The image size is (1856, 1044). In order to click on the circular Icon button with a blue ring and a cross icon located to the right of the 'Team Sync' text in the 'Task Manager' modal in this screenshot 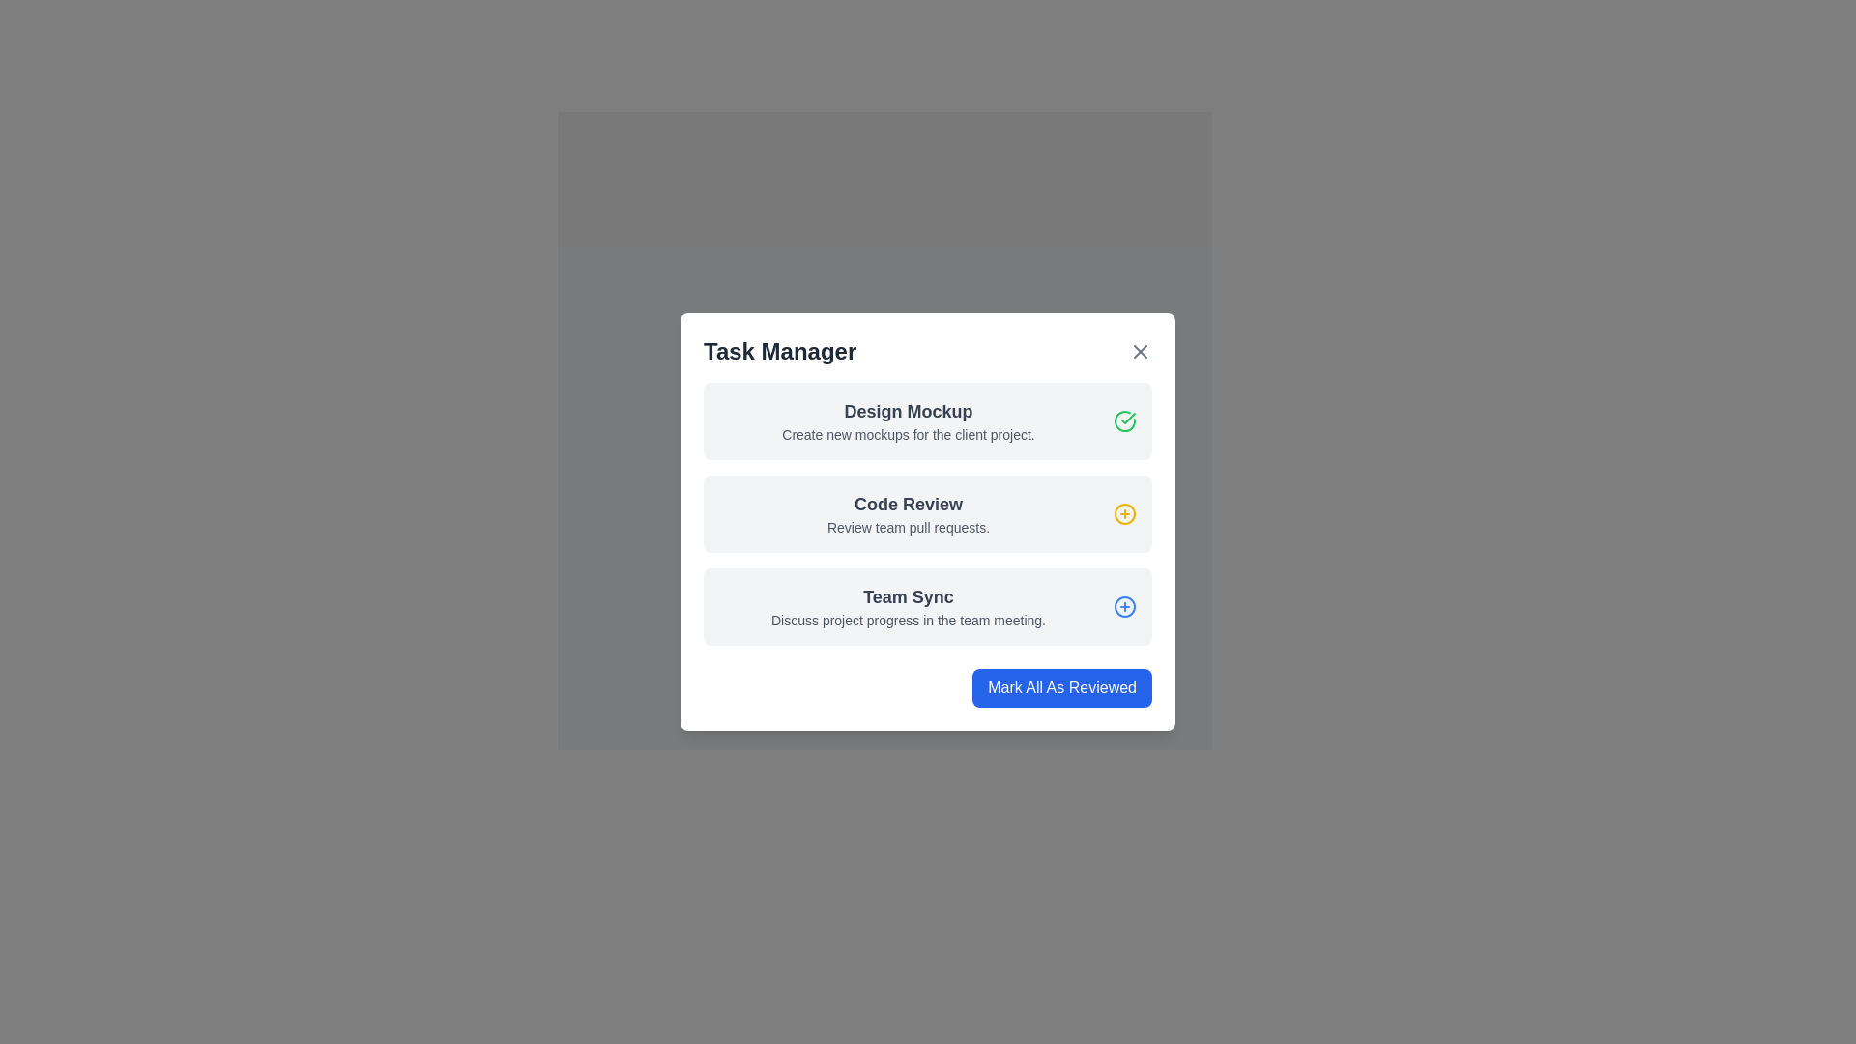, I will do `click(1124, 606)`.